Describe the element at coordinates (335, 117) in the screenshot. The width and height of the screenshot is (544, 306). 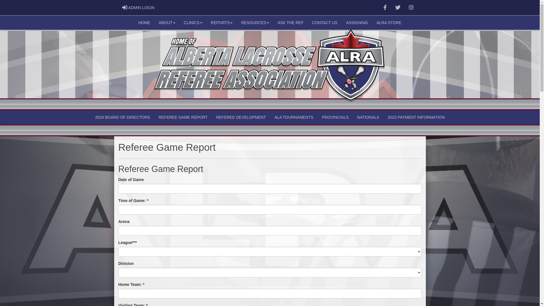
I see `'PROVINCIALS'` at that location.